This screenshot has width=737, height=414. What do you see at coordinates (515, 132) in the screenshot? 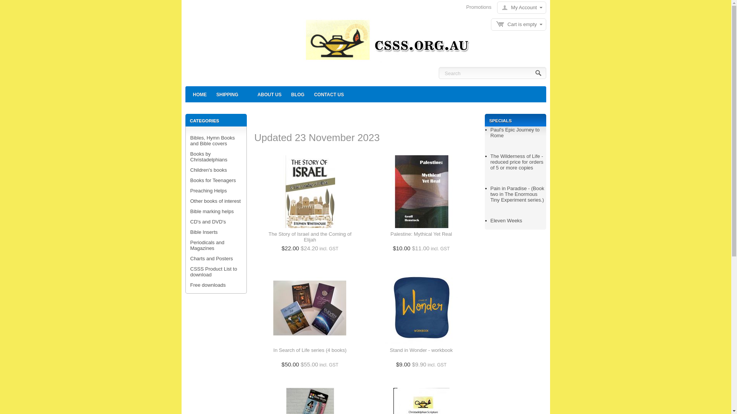
I see `'Paul's Epic Journey to Rome'` at bounding box center [515, 132].